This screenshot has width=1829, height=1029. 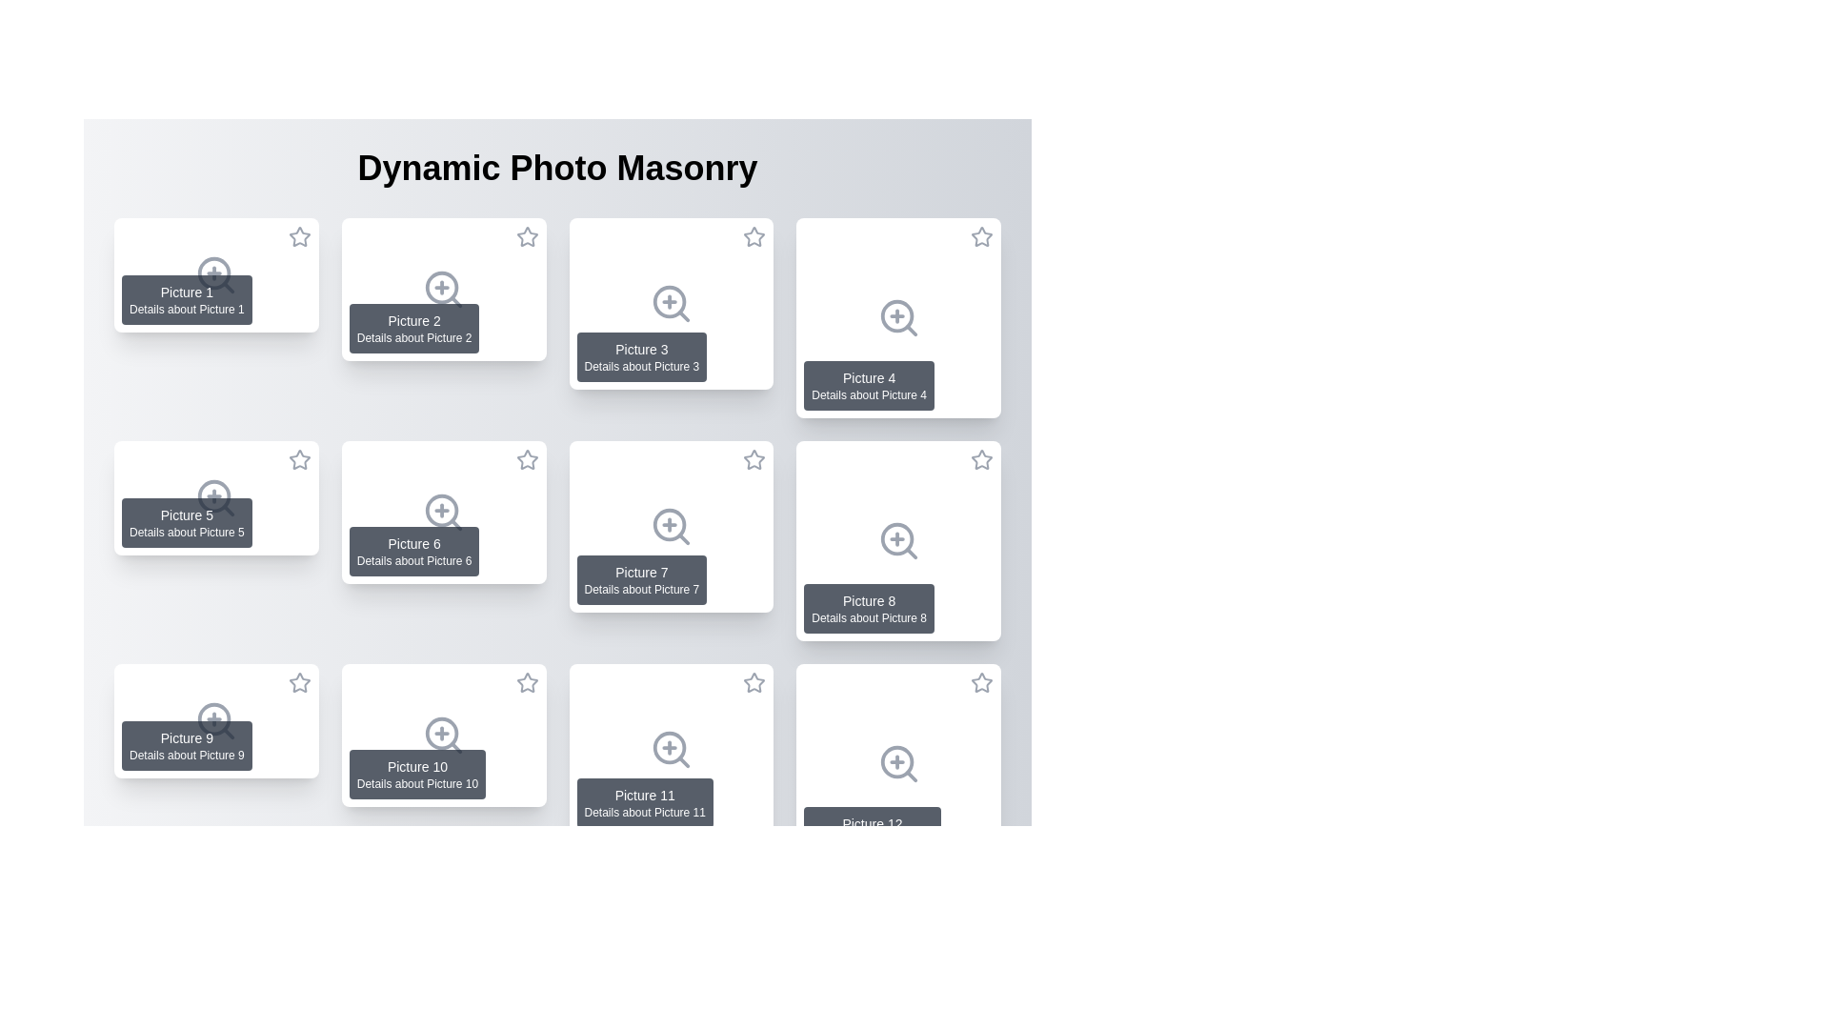 What do you see at coordinates (187, 514) in the screenshot?
I see `text label that identifies the fifth card as 'Picture 5', located at the top of the dark gray overlay in the bottom left corner of the card` at bounding box center [187, 514].